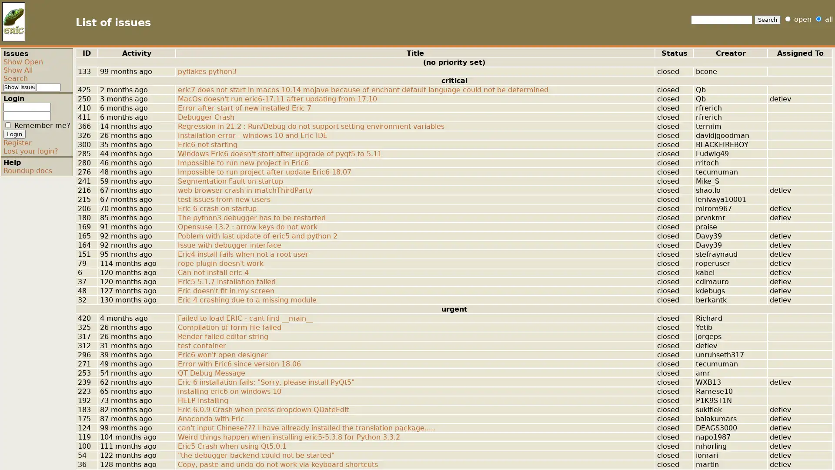 This screenshot has width=835, height=470. Describe the element at coordinates (20, 87) in the screenshot. I see `Show issue:` at that location.